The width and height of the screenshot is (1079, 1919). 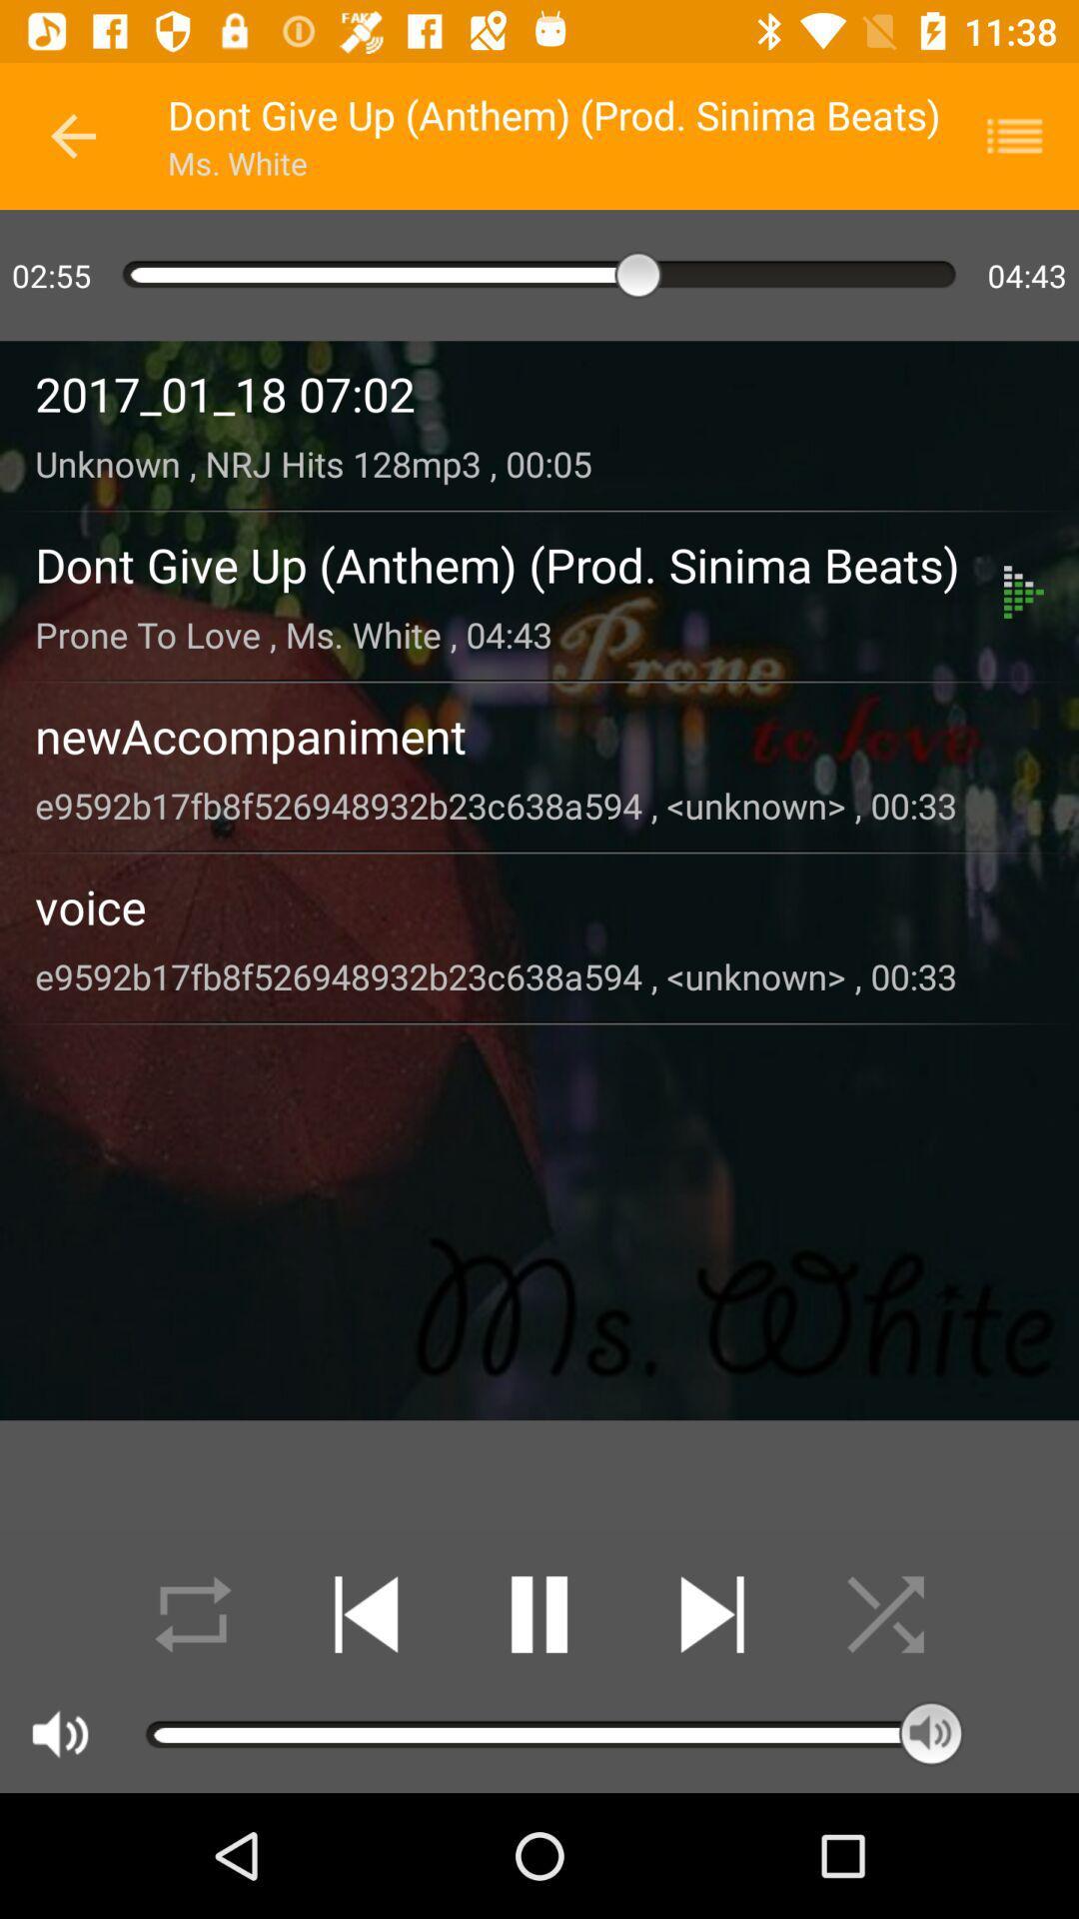 I want to click on the voice icon, so click(x=539, y=906).